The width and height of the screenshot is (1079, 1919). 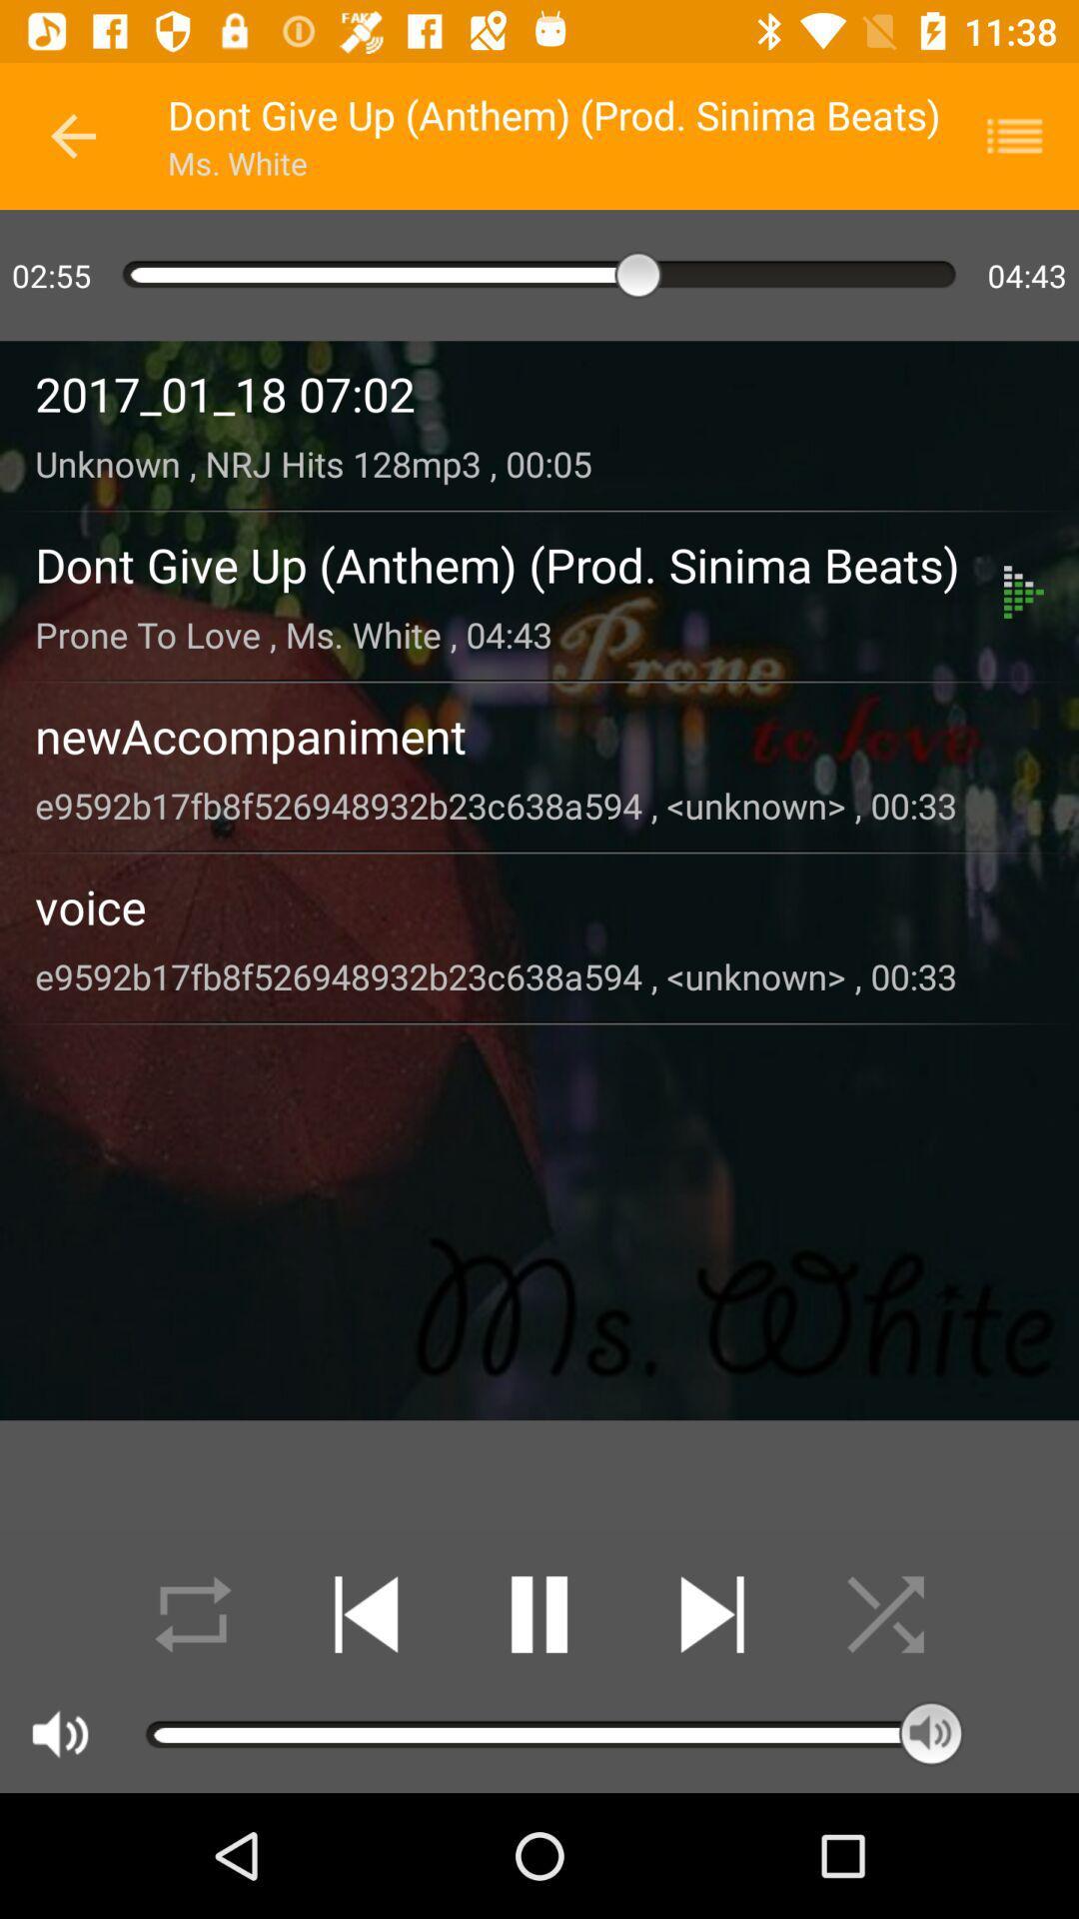 I want to click on the voice icon, so click(x=539, y=906).